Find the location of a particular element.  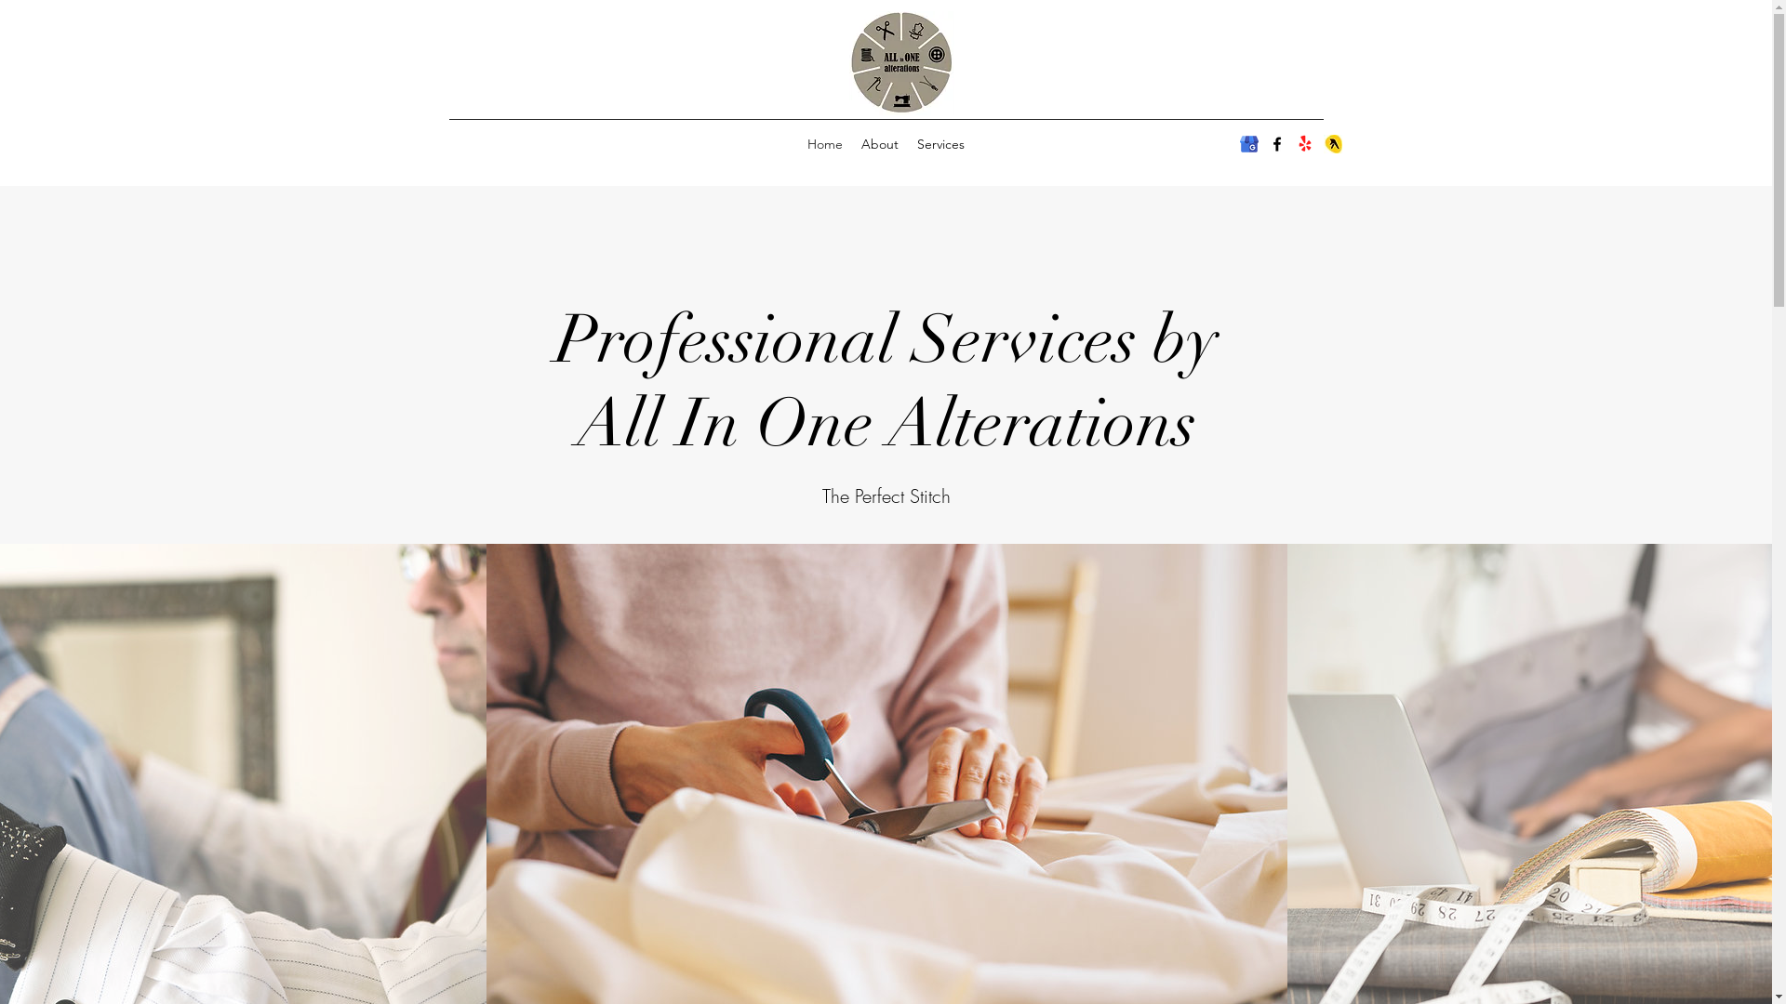

'Home' is located at coordinates (798, 142).